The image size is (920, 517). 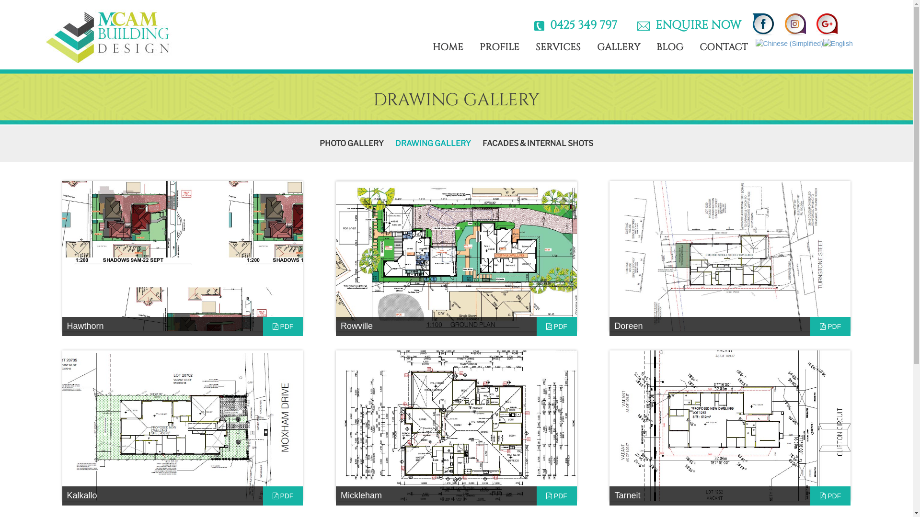 What do you see at coordinates (829, 495) in the screenshot?
I see `'PDF'` at bounding box center [829, 495].